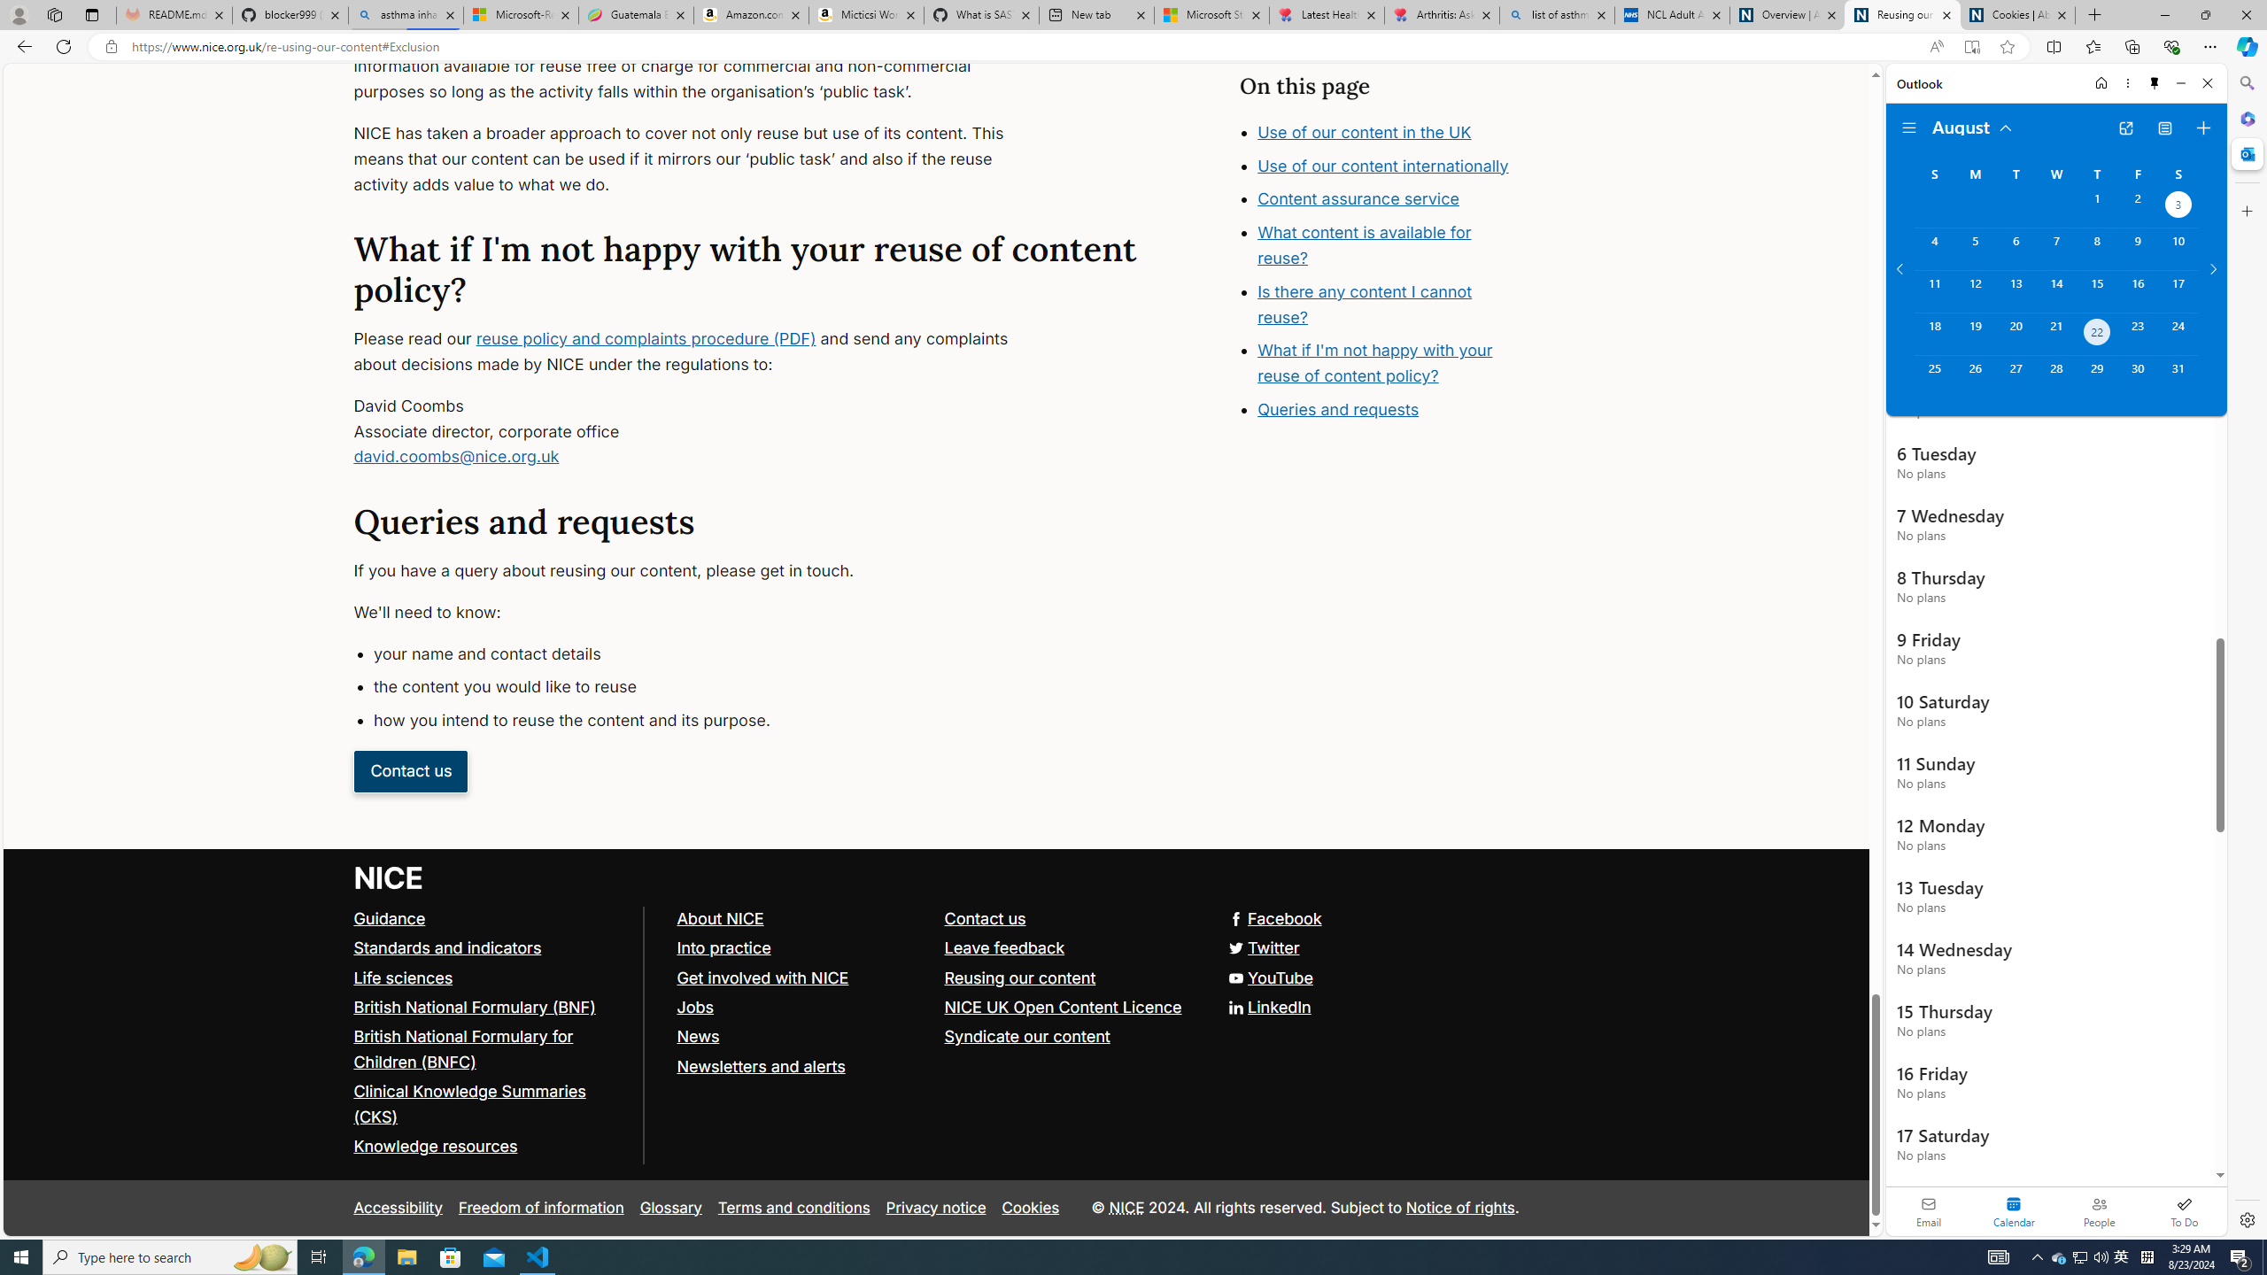 The height and width of the screenshot is (1275, 2267). Describe the element at coordinates (491, 1147) in the screenshot. I see `'Knowledge resources'` at that location.